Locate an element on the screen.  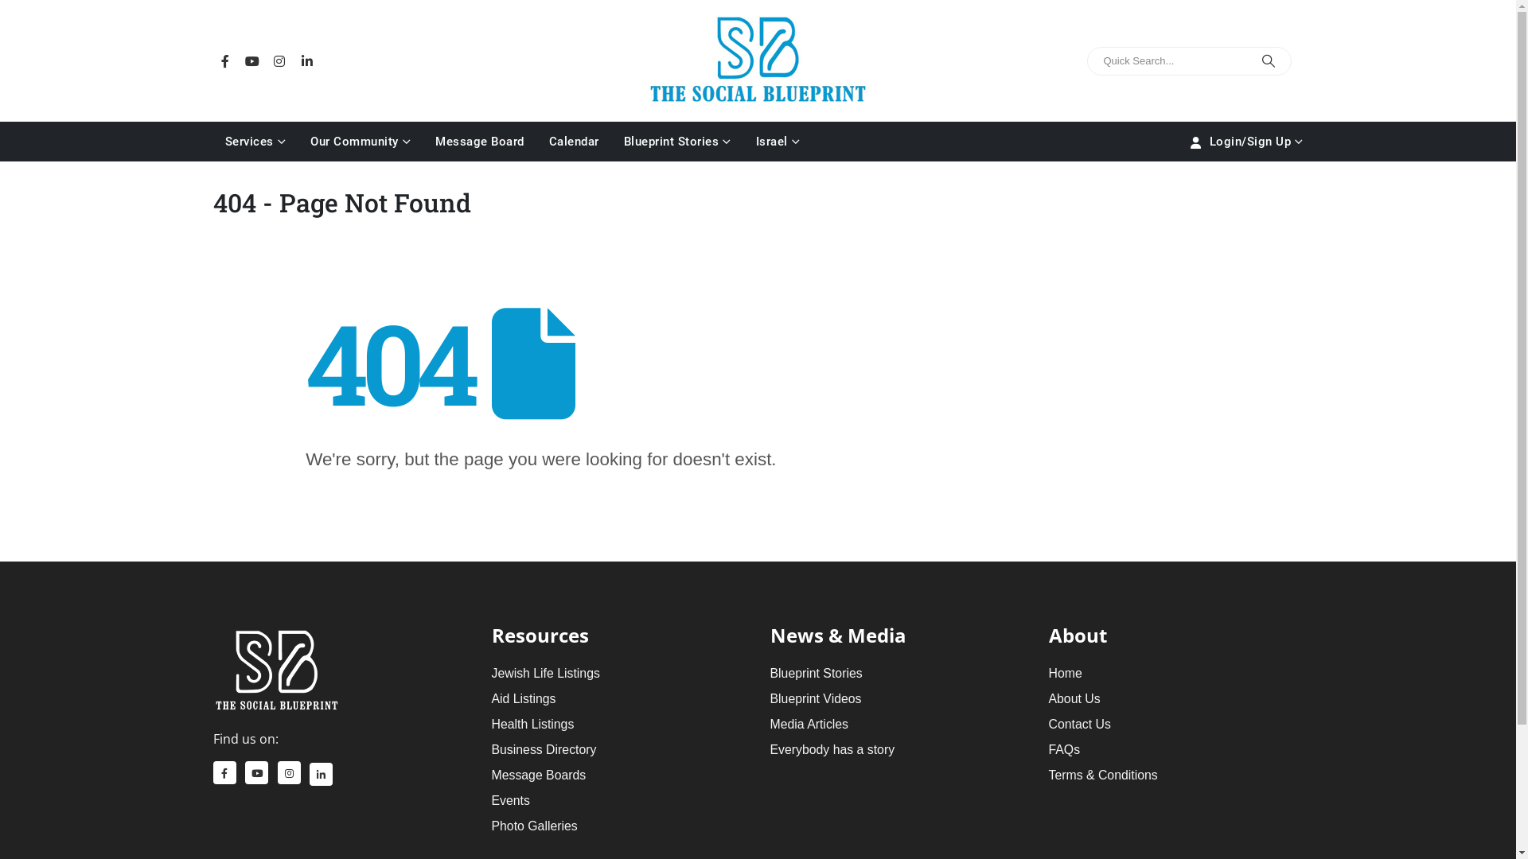
'Instagram' is located at coordinates (289, 772).